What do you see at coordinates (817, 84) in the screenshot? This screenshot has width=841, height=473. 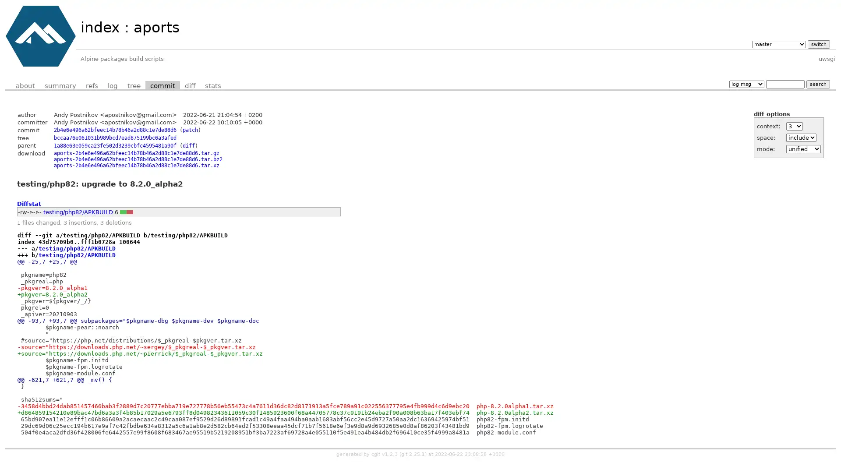 I see `search` at bounding box center [817, 84].